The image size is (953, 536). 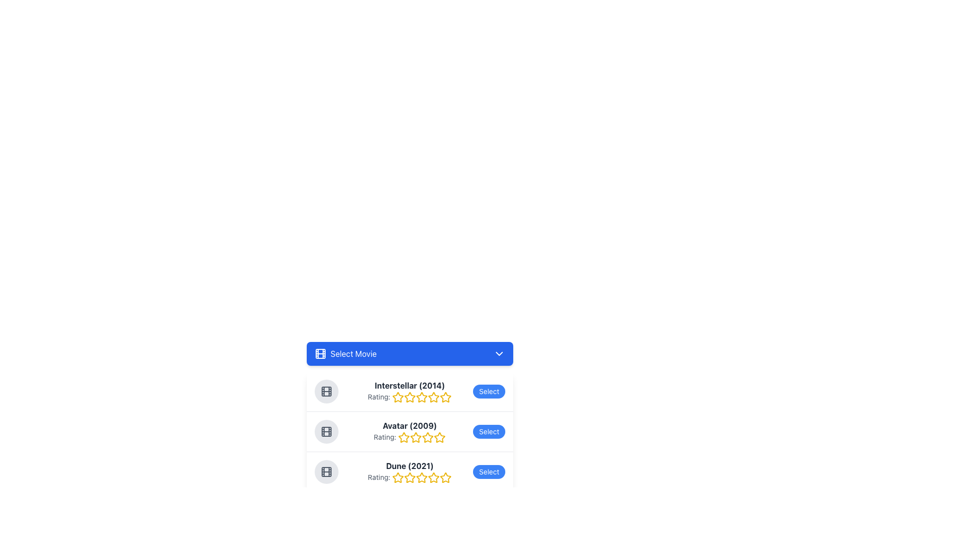 I want to click on the first star icon representing the rating for the movie 'Interstellar (2014)' located in the first row of the movie list, so click(x=398, y=397).